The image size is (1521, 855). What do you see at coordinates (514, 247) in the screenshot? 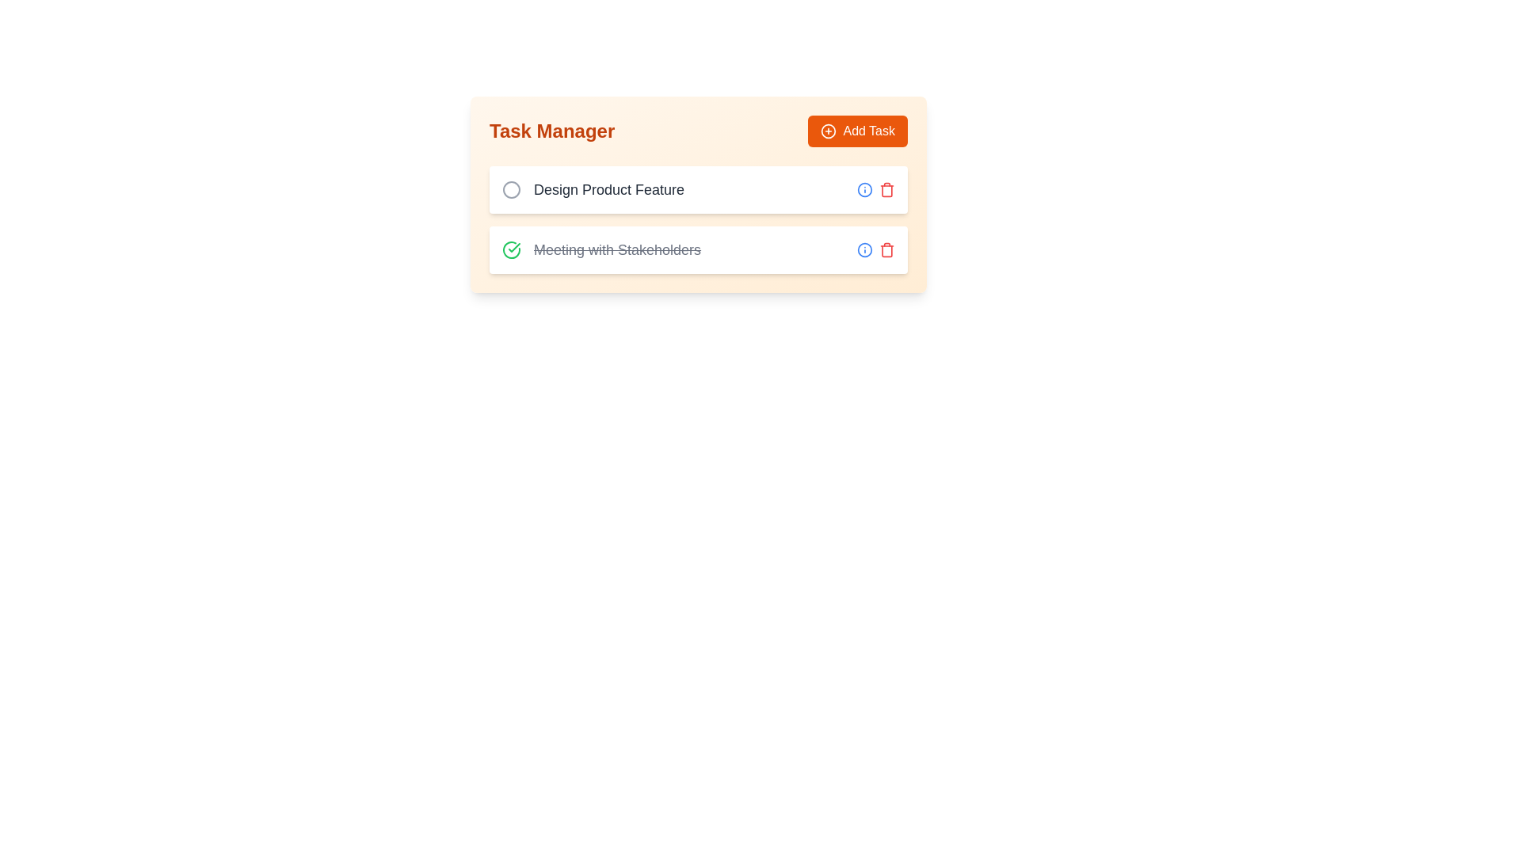
I see `the green checkmark icon located to the left of the text 'Meeting with Stakeholders' in the task list, which indicates that the associated task is marked as completed` at bounding box center [514, 247].